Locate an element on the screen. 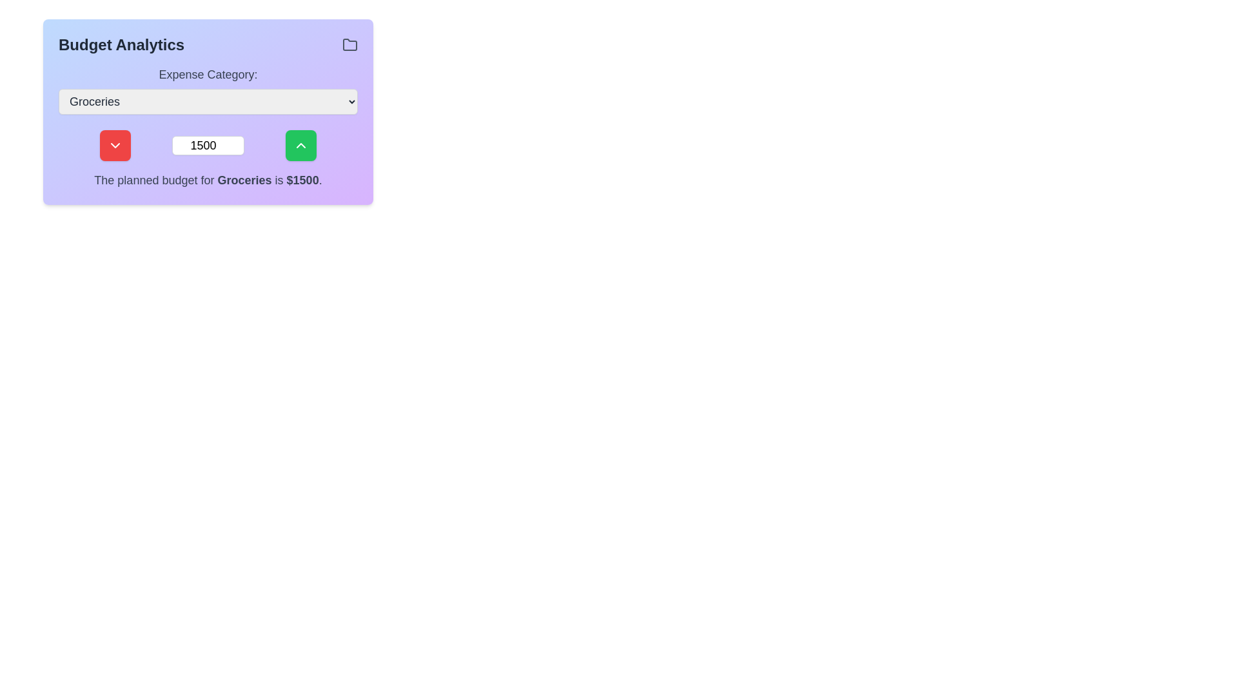 The image size is (1238, 696). text element displaying the value '$1500' located at the bottom-right corner of the 'Budget Analytics' section is located at coordinates (302, 180).